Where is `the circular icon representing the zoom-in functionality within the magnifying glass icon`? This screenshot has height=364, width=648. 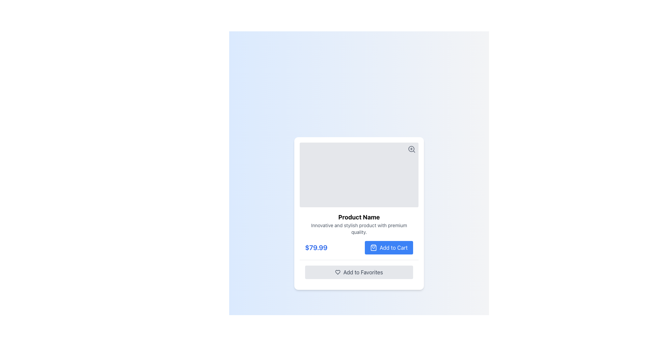 the circular icon representing the zoom-in functionality within the magnifying glass icon is located at coordinates (411, 148).